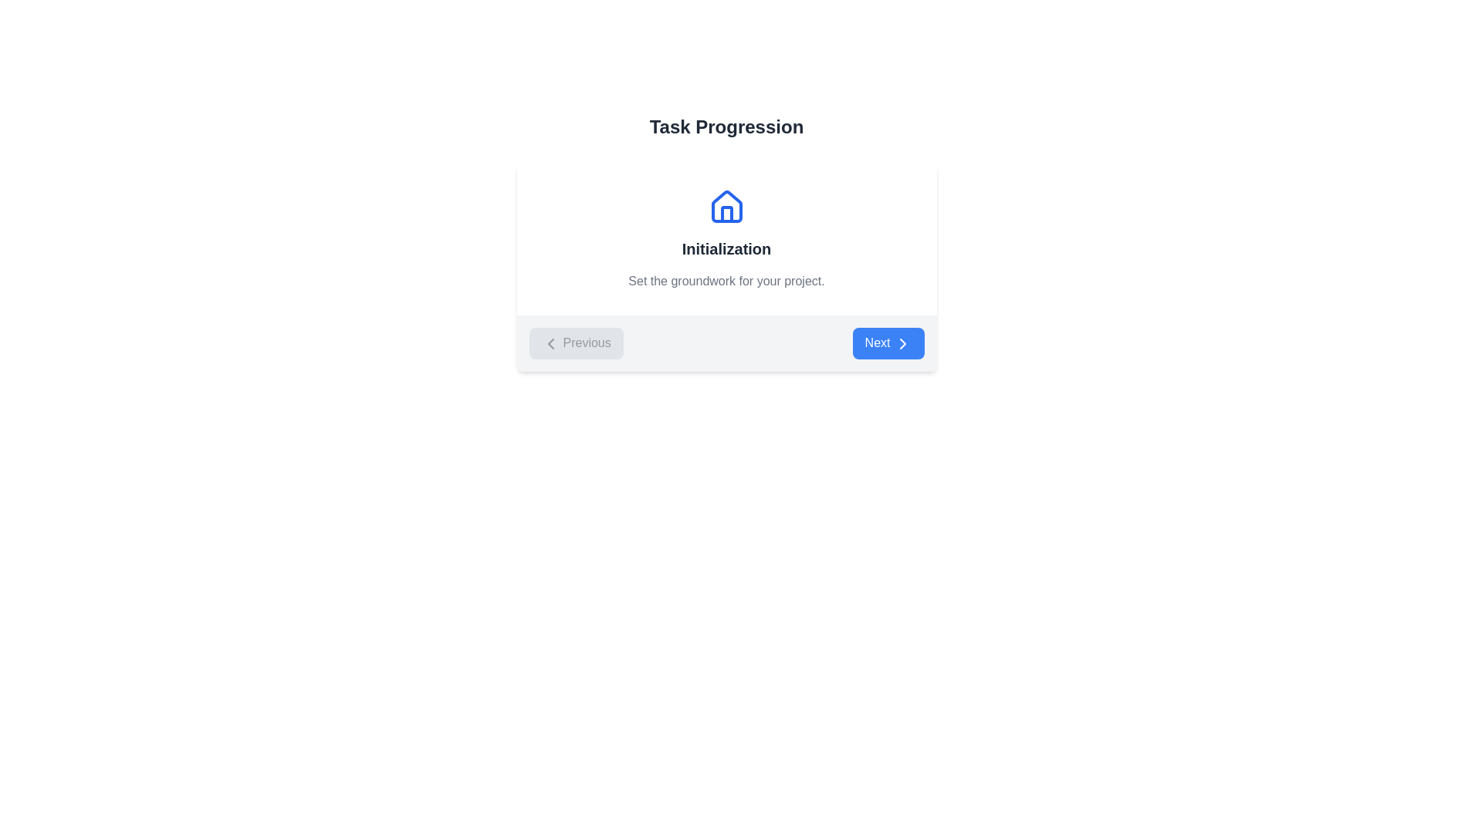 Image resolution: width=1482 pixels, height=833 pixels. I want to click on the vertical rectangular segment representing the door in the house icon, which is styled with a line pattern and centrally located within the house structure, so click(726, 214).